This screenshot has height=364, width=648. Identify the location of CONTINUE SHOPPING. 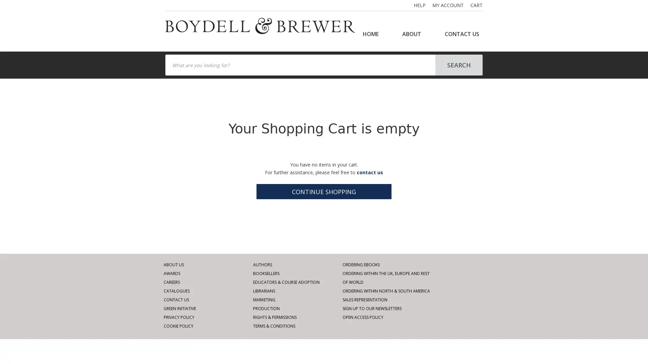
(324, 191).